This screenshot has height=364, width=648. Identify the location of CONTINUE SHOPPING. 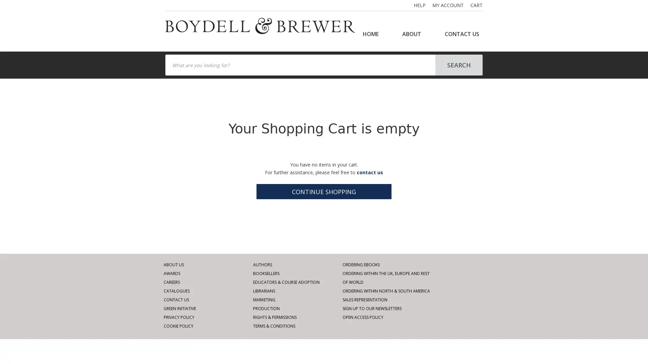
(324, 191).